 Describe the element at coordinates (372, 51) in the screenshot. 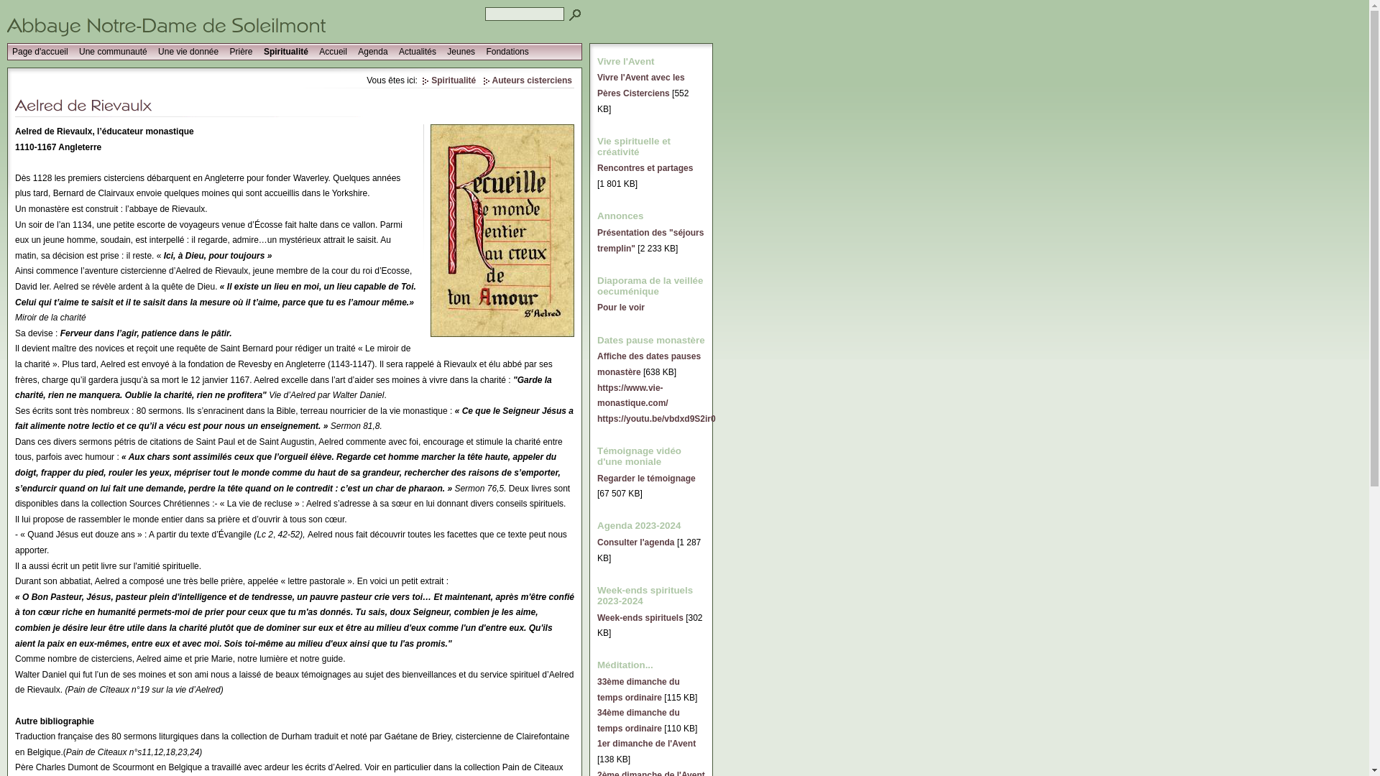

I see `'Agenda'` at that location.